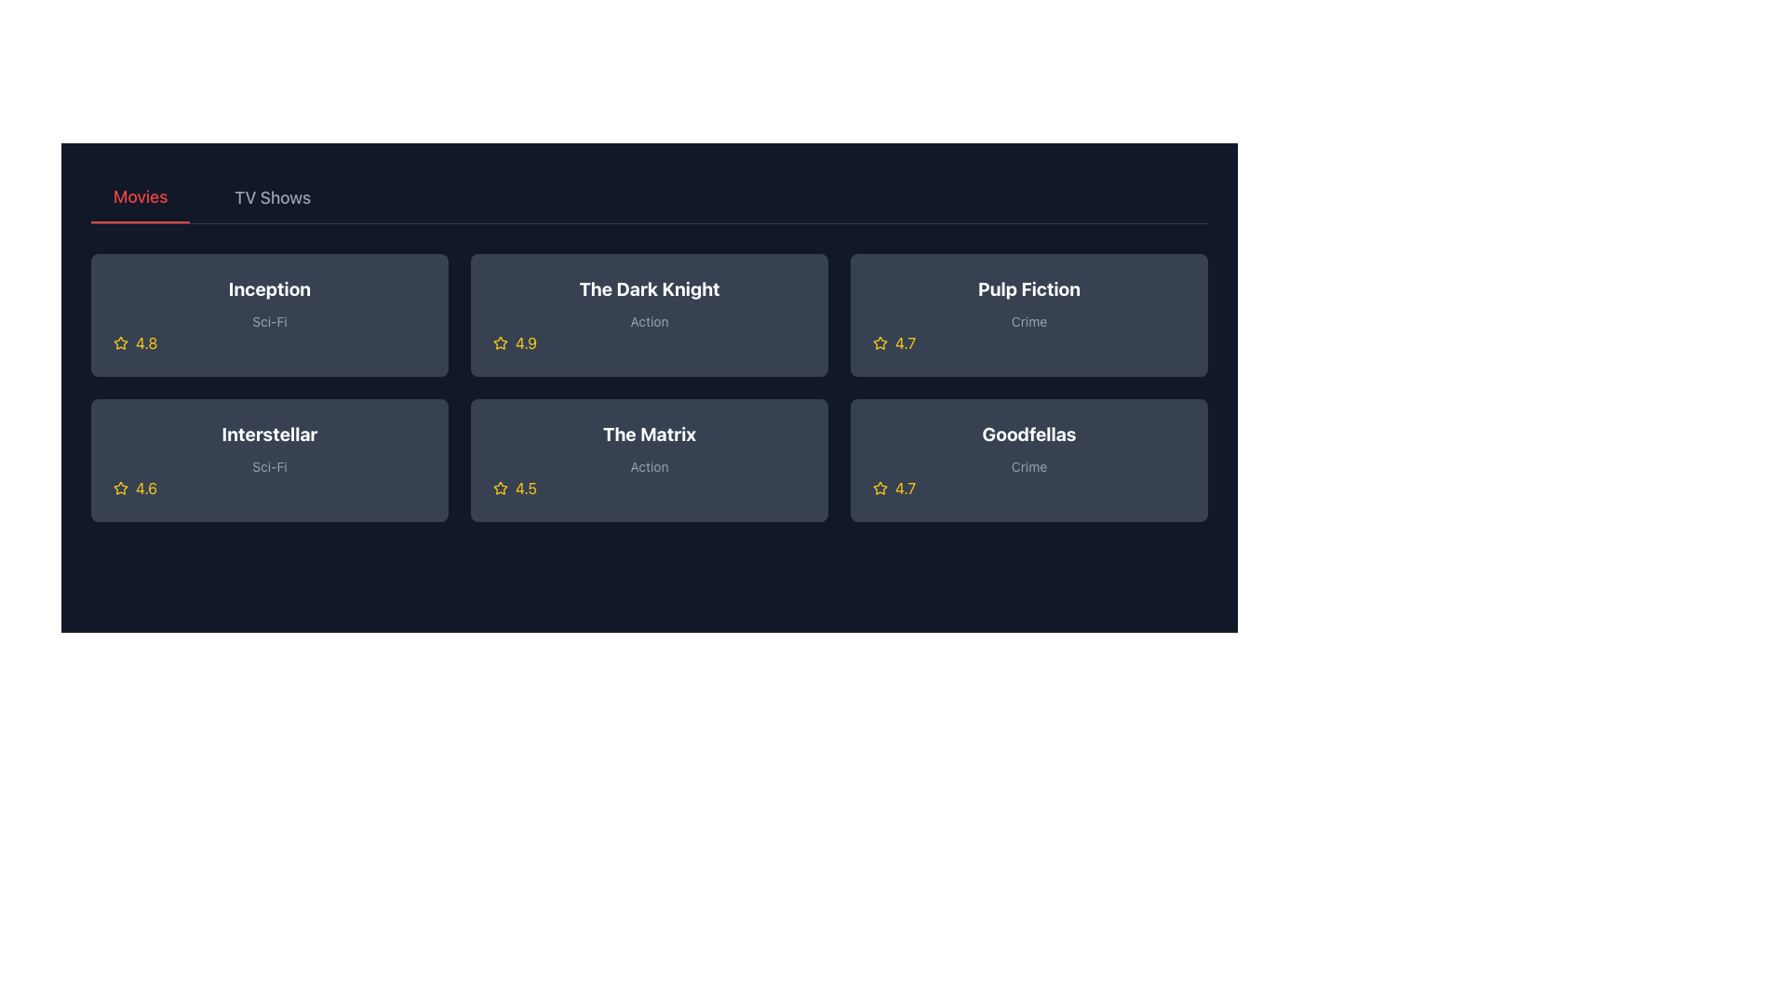  What do you see at coordinates (649, 315) in the screenshot?
I see `the button that shows more information about 'The Dark Knight' to change its background color` at bounding box center [649, 315].